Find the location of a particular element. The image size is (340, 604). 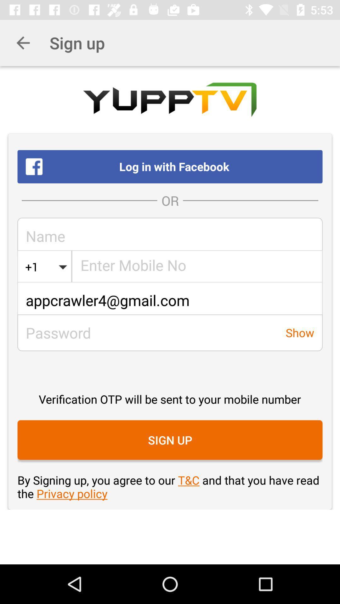

your mobile number to log in is located at coordinates (197, 267).